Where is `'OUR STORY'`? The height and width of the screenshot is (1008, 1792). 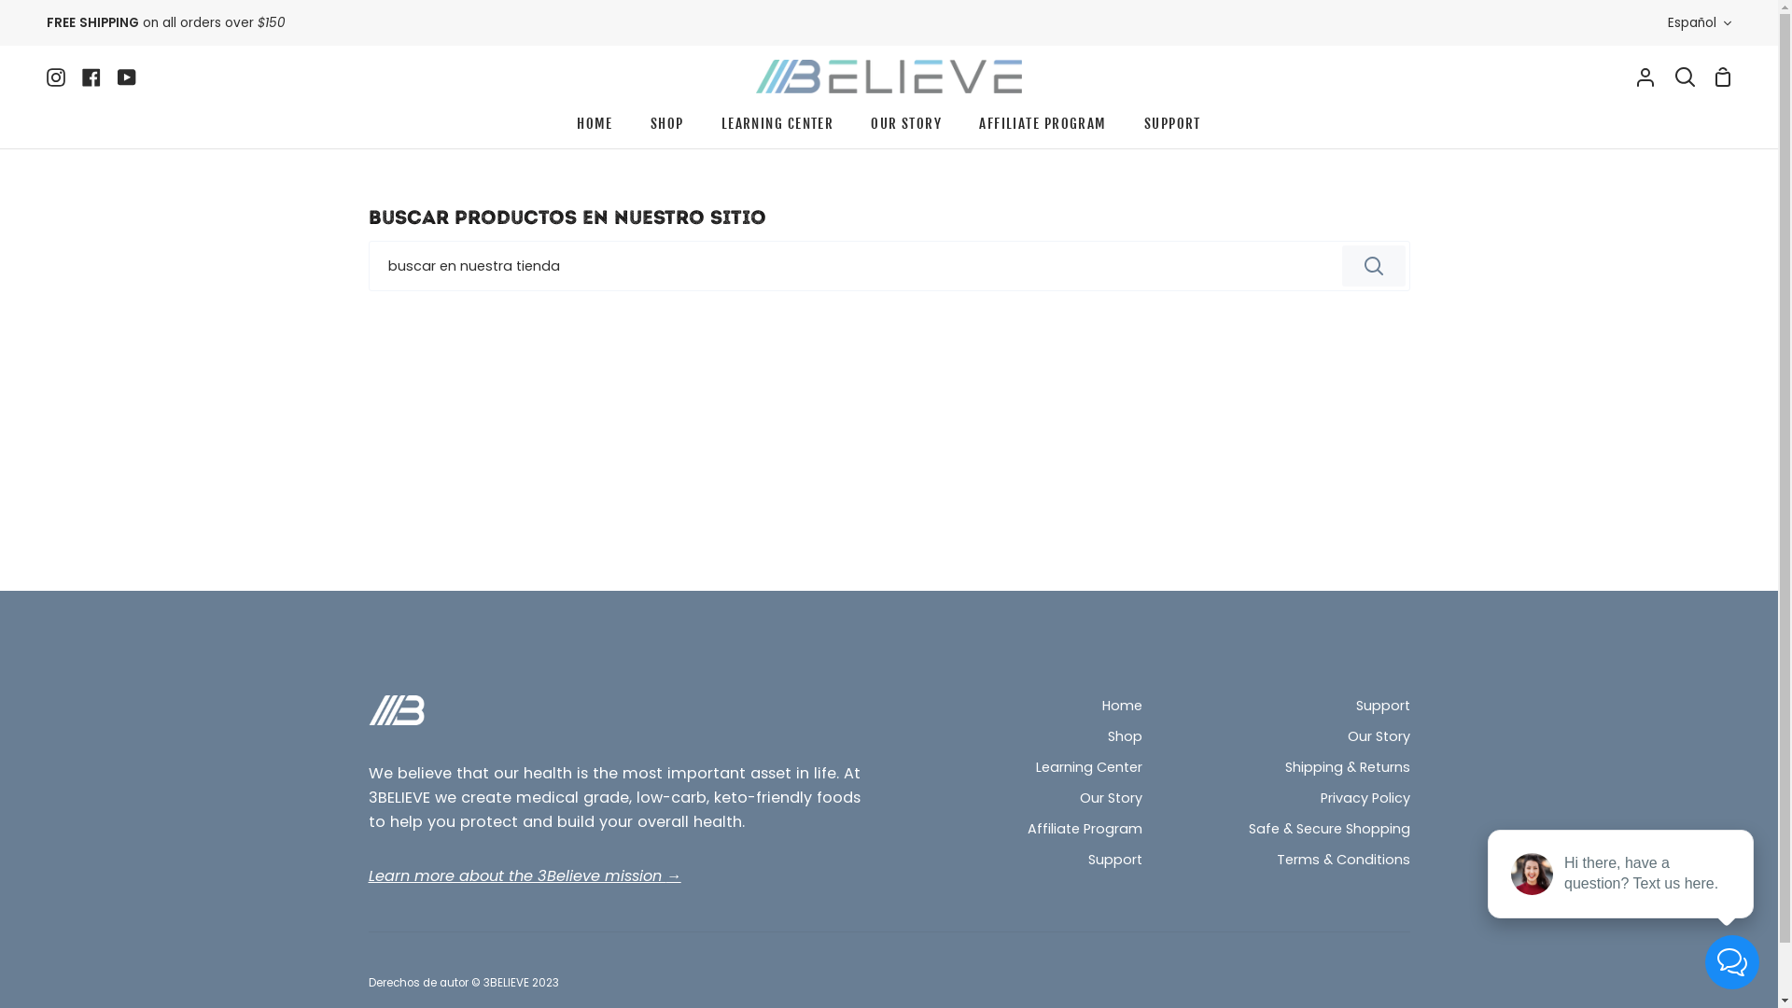
'OUR STORY' is located at coordinates (850, 127).